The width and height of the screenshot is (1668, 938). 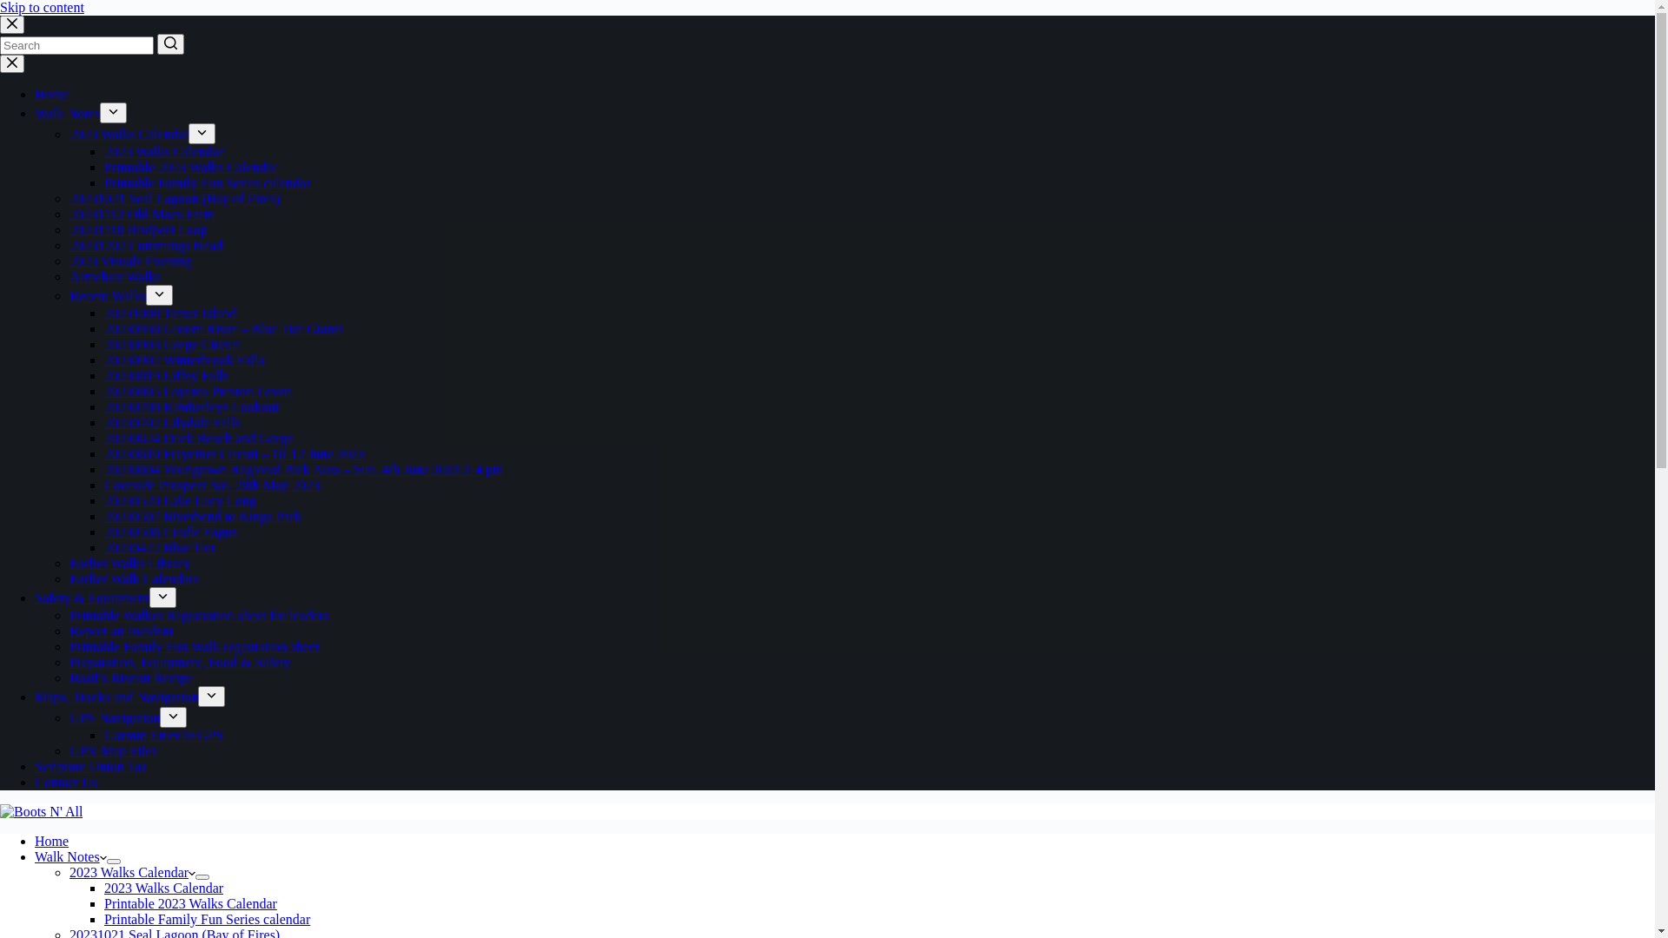 What do you see at coordinates (51, 94) in the screenshot?
I see `'Home'` at bounding box center [51, 94].